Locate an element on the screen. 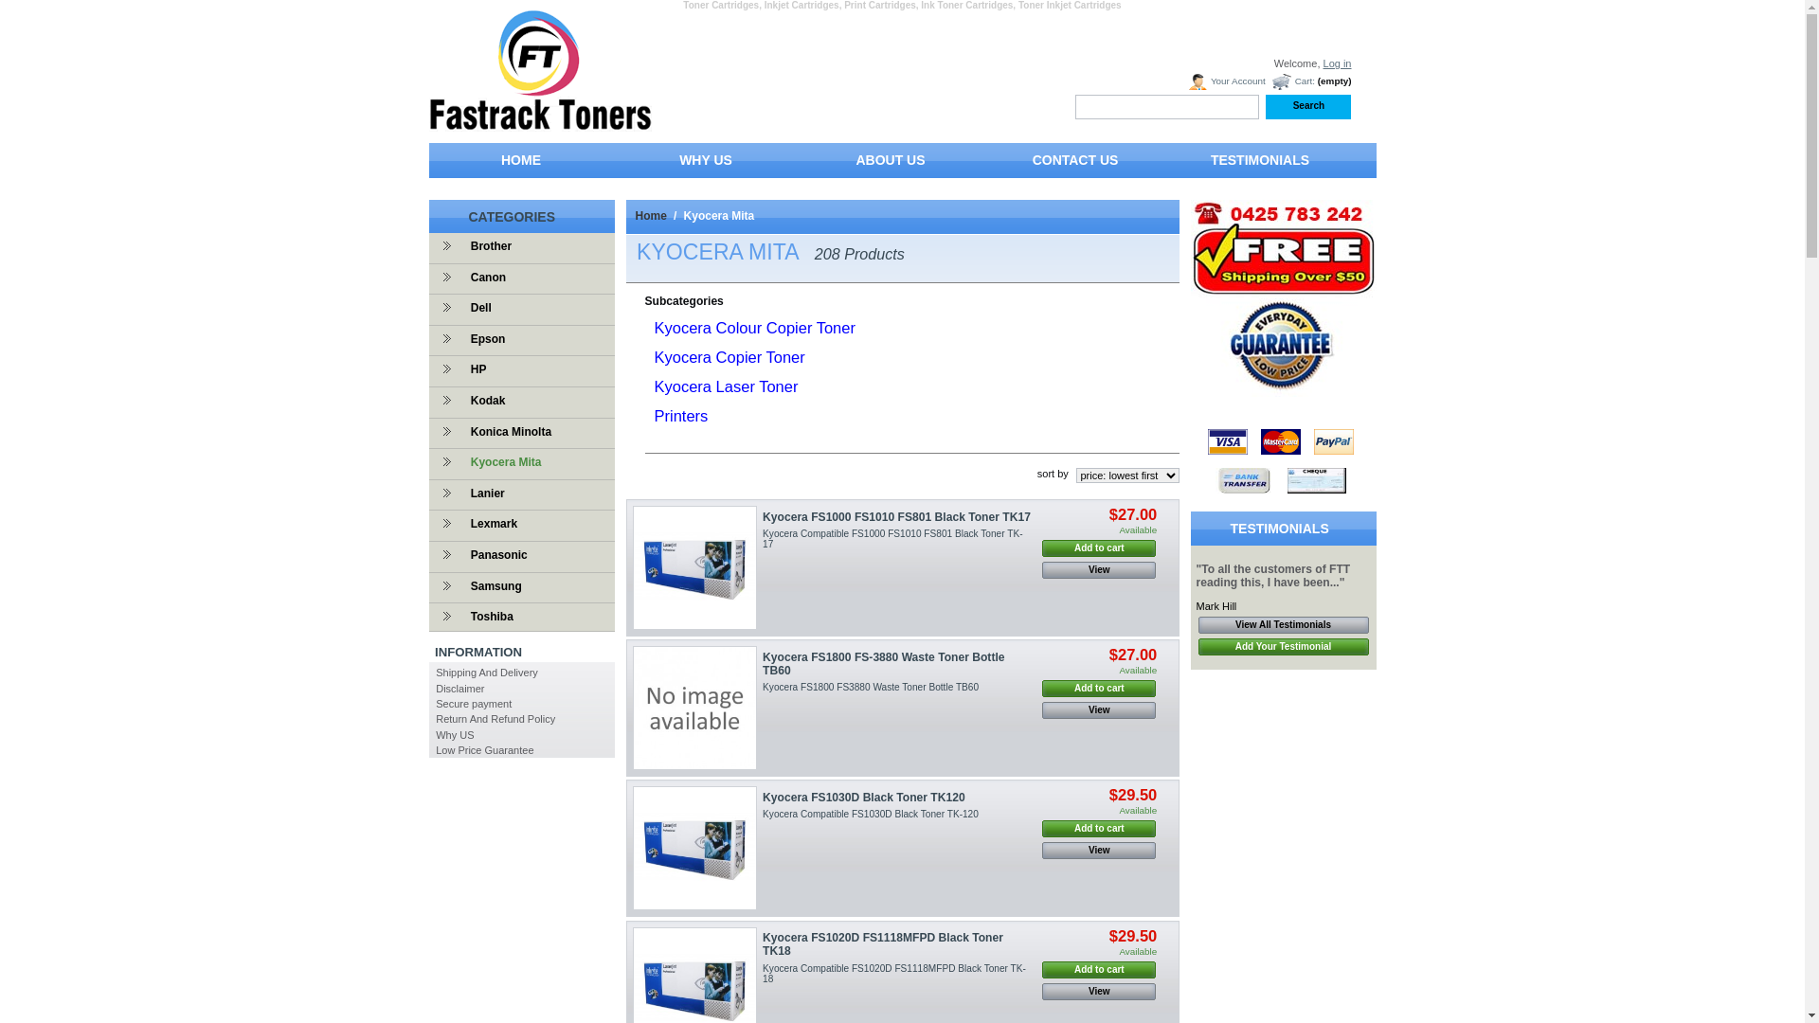  'Kyocera FS1800 FS3880 Waste Toner Bottle TB60' is located at coordinates (869, 687).